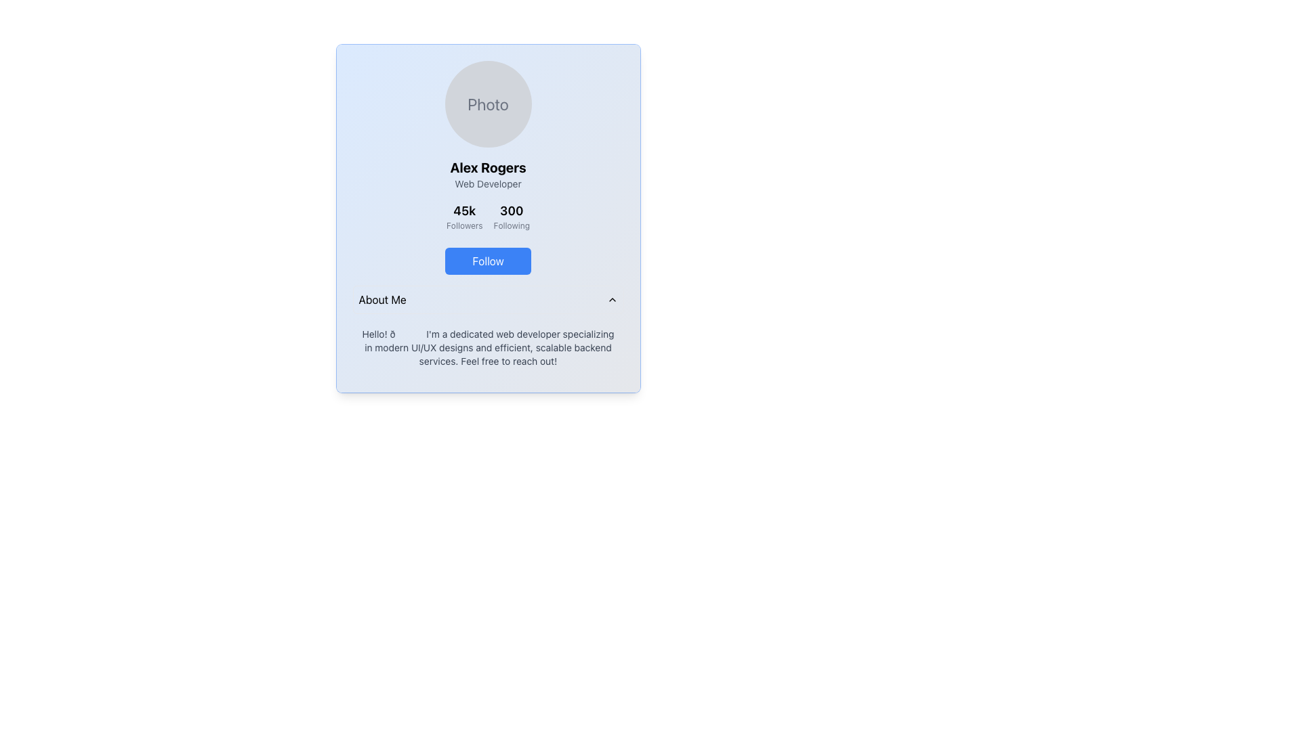 The height and width of the screenshot is (731, 1301). I want to click on the non-interactive text label displaying the number of followers, which is located above the 'Followers' text in the profile card, so click(464, 211).